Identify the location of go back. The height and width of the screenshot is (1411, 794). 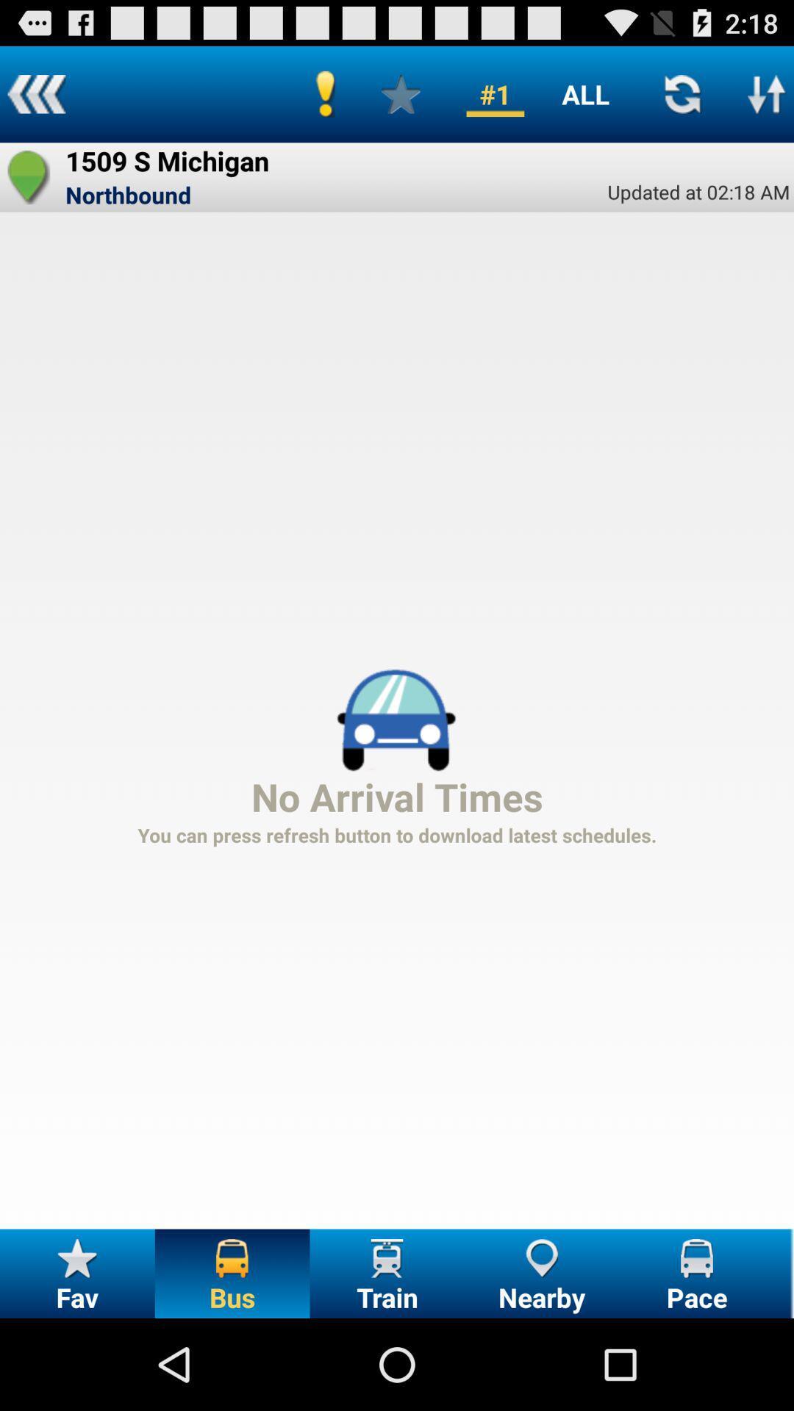
(35, 93).